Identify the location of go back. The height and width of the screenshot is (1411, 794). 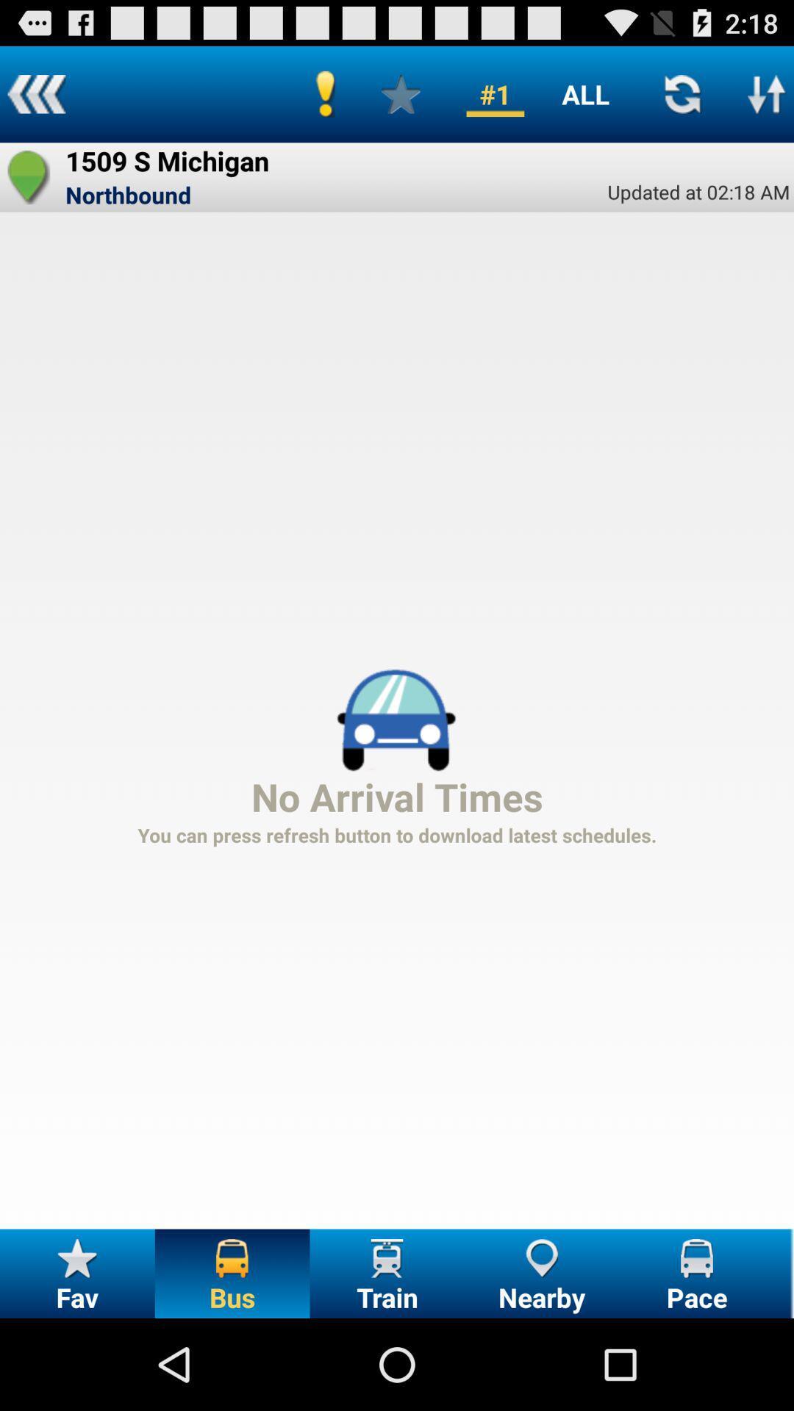
(35, 93).